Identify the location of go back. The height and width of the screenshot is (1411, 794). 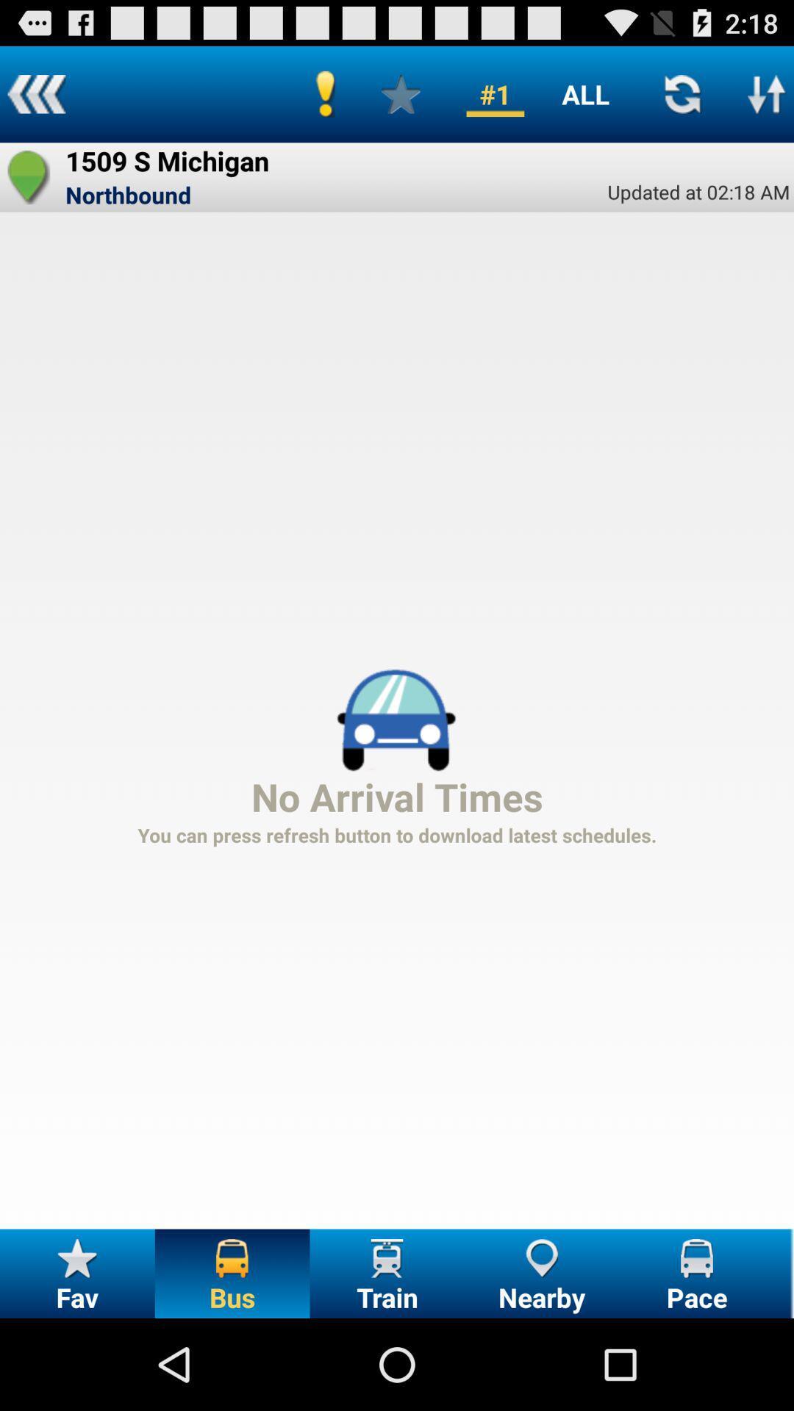
(35, 93).